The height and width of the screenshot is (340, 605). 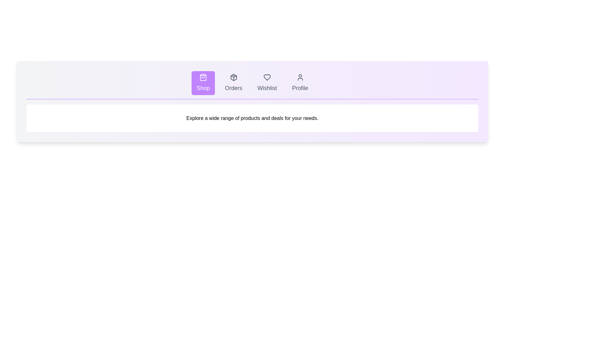 I want to click on the Orders tab to observe its hover effect, so click(x=233, y=82).